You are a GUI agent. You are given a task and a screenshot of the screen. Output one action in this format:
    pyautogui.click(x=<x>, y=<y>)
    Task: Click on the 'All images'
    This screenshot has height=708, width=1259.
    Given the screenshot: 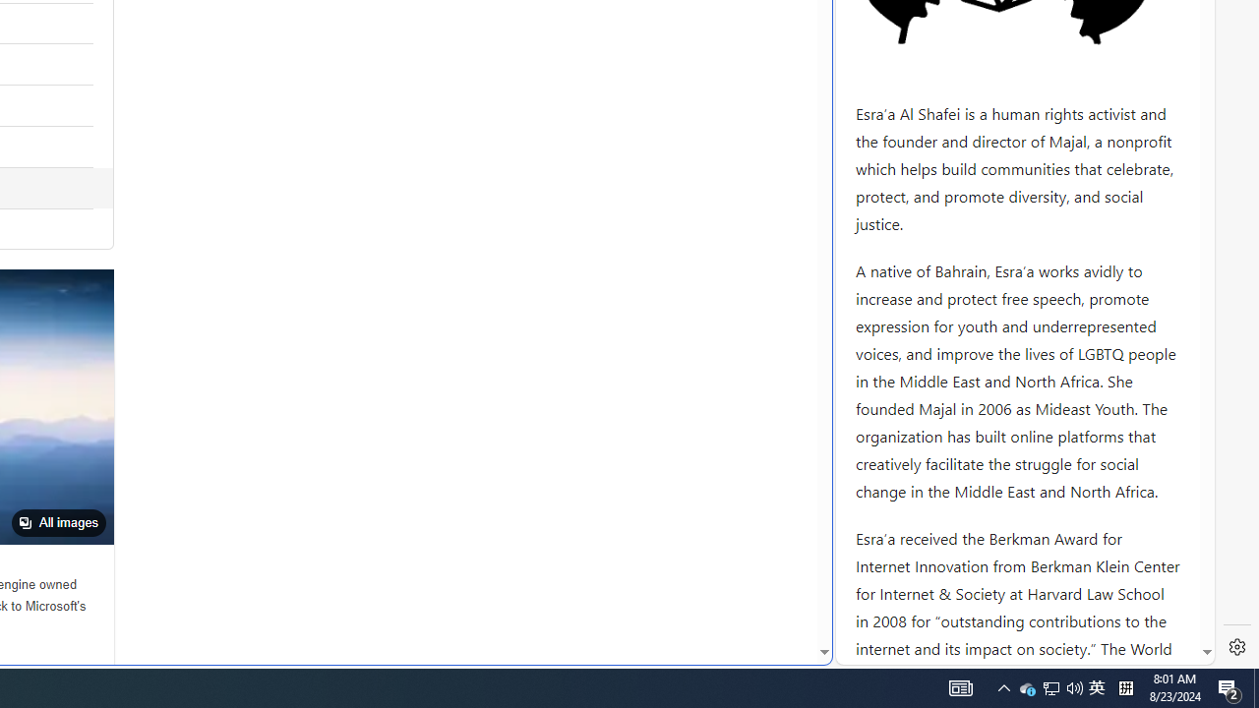 What is the action you would take?
    pyautogui.click(x=58, y=522)
    